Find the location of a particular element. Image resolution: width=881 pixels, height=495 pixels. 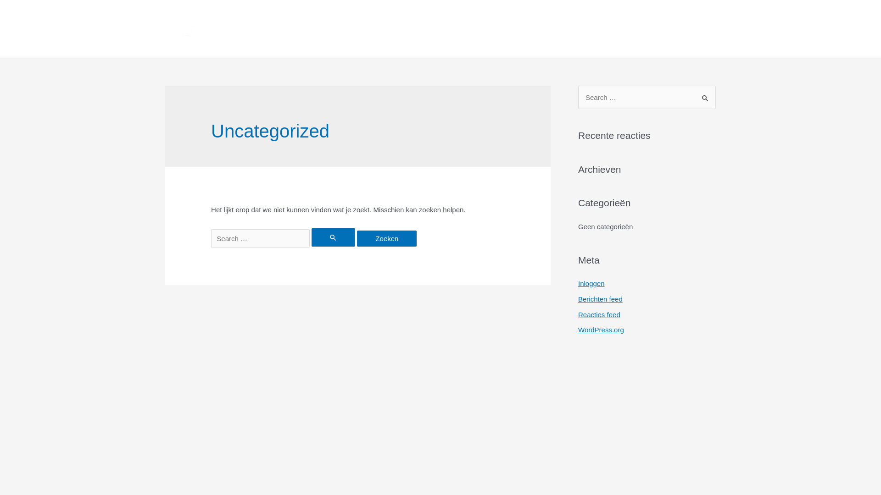

'Zoeken' is located at coordinates (705, 95).